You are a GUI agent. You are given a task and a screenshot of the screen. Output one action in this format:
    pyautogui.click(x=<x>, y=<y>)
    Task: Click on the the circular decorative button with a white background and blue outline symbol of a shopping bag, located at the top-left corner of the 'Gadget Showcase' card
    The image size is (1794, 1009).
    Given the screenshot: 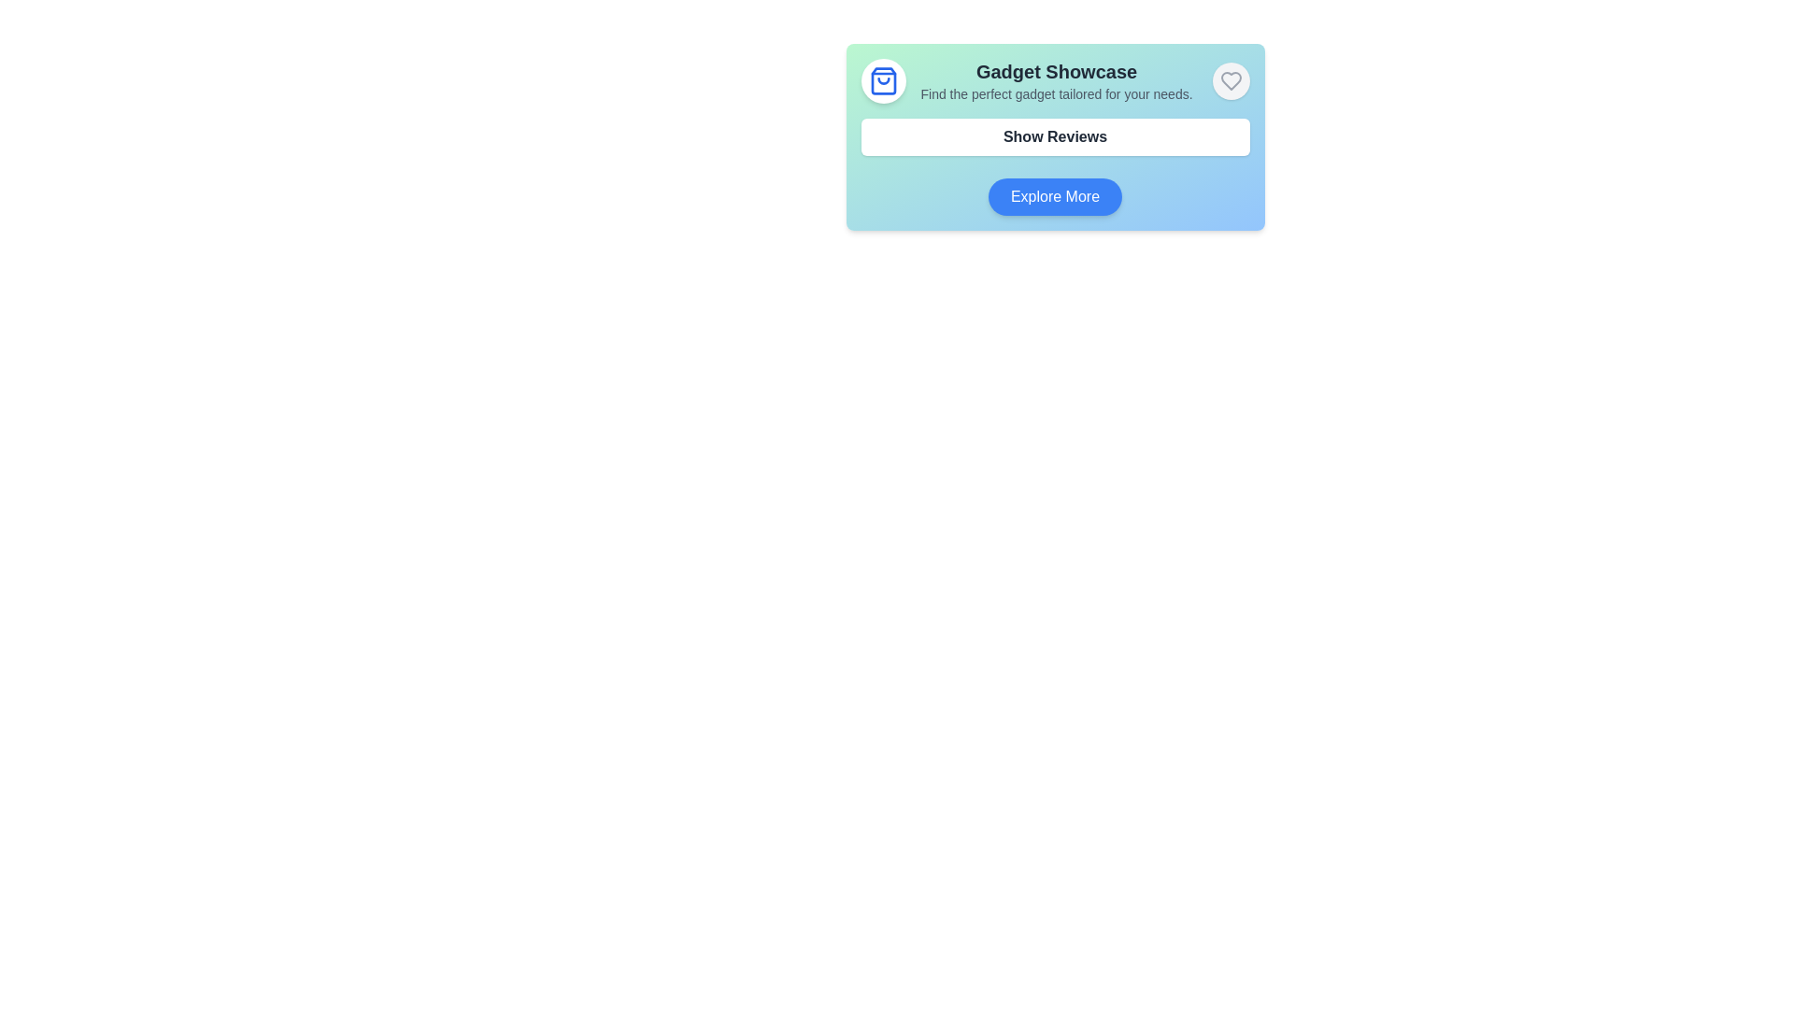 What is the action you would take?
    pyautogui.click(x=882, y=80)
    